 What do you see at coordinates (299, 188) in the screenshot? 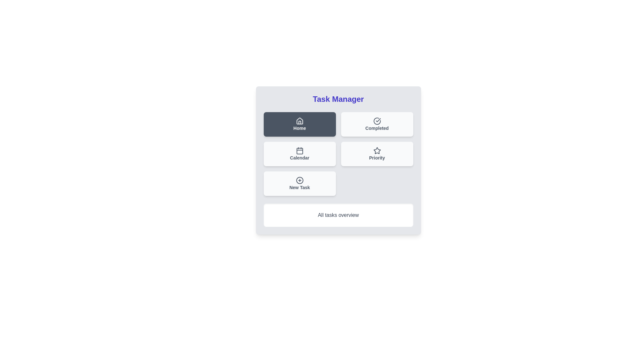
I see `the 'New Task' button that contains a circular plus sign icon and the text displayed in a bold sans-serif font style` at bounding box center [299, 188].